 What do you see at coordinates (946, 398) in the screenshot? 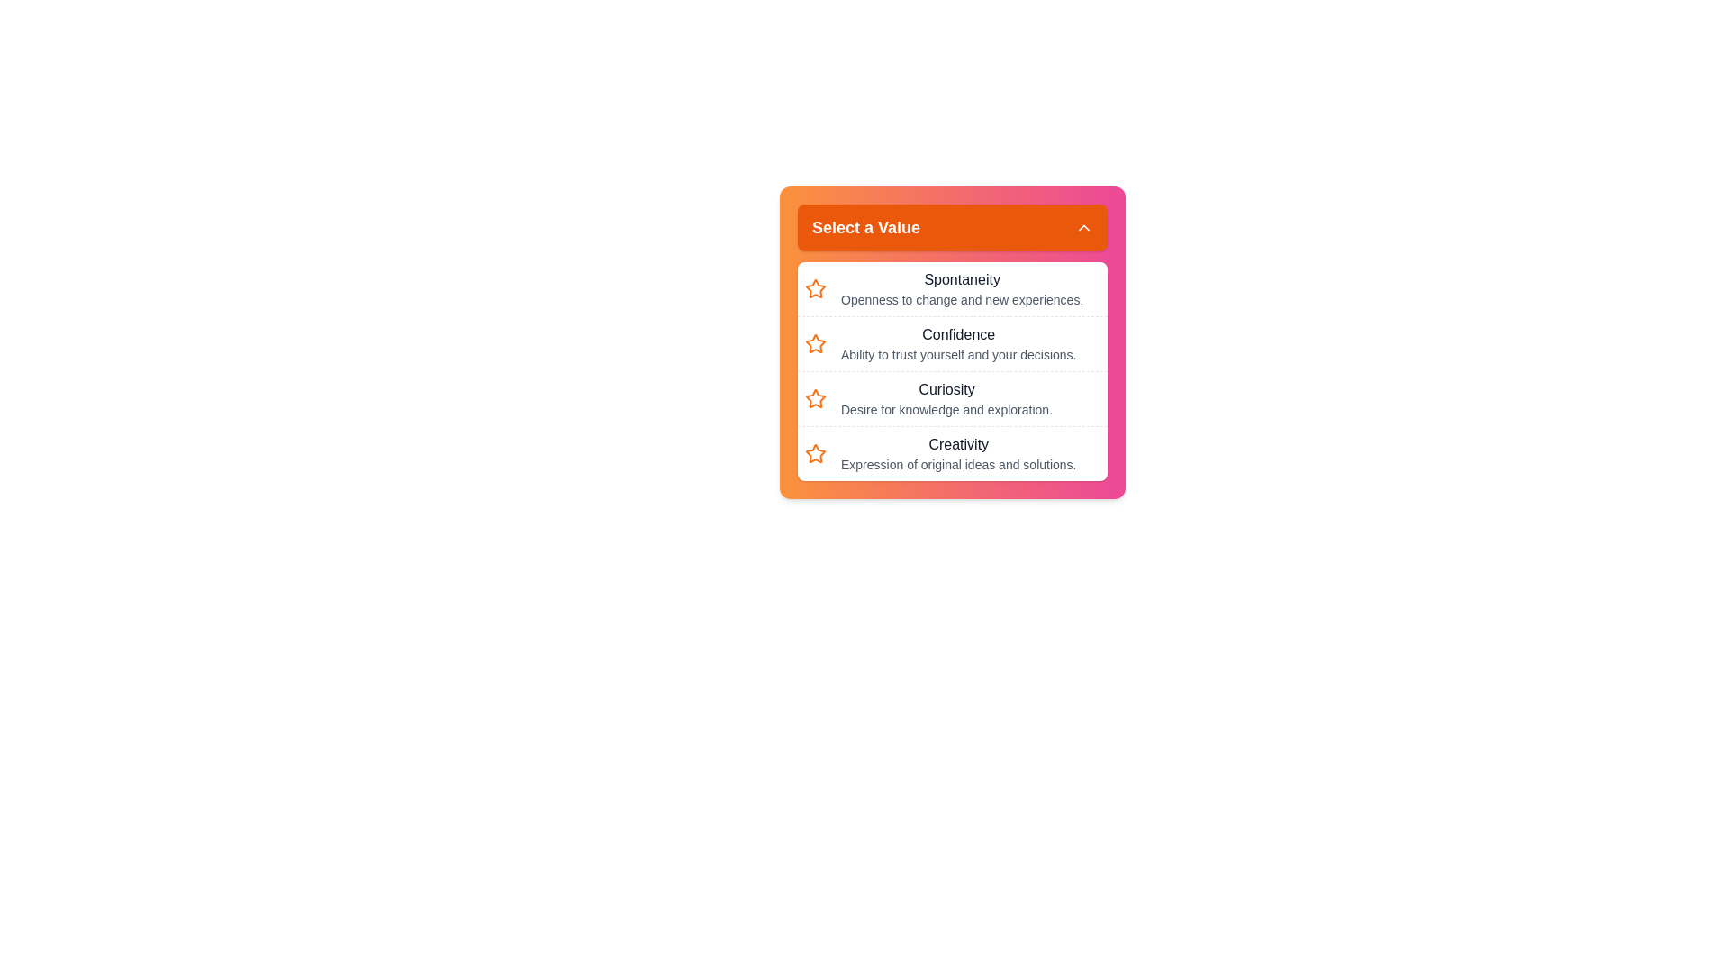
I see `the selectable list item labeled 'Curiosity' in the dropdown menu to trigger a visual indication of focus` at bounding box center [946, 398].